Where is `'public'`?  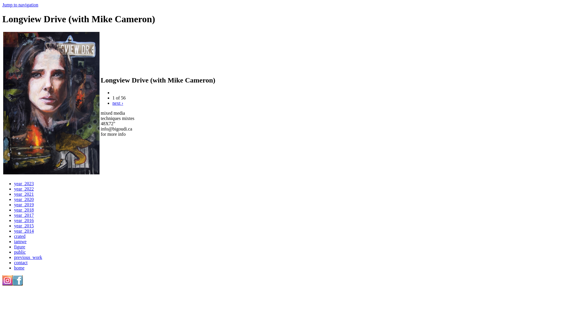
'public' is located at coordinates (20, 252).